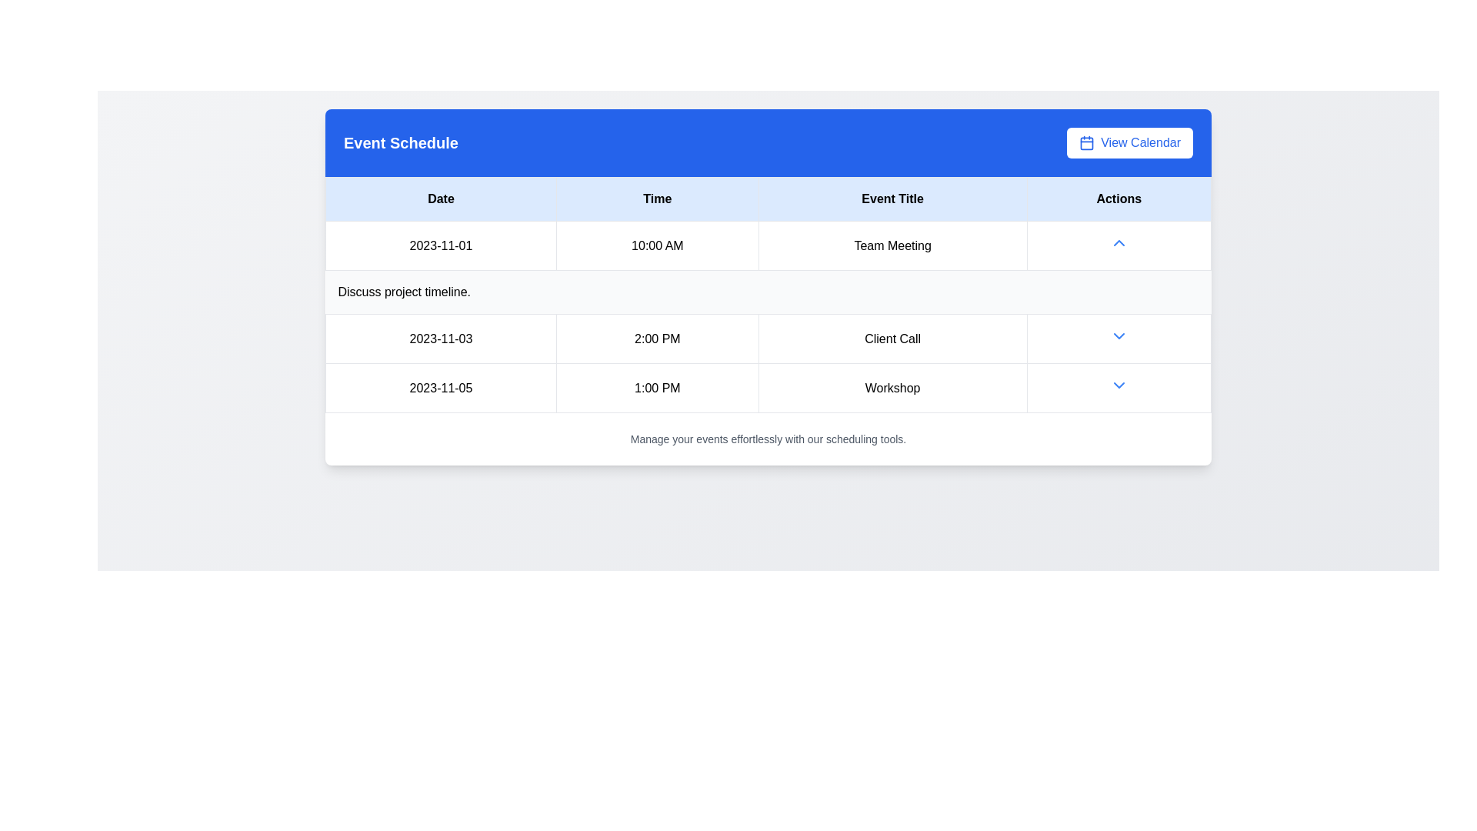 The height and width of the screenshot is (831, 1477). I want to click on the text label that serves as a header title for the event scheduling section, located on the top left side of the blue-colored header bar, so click(401, 142).